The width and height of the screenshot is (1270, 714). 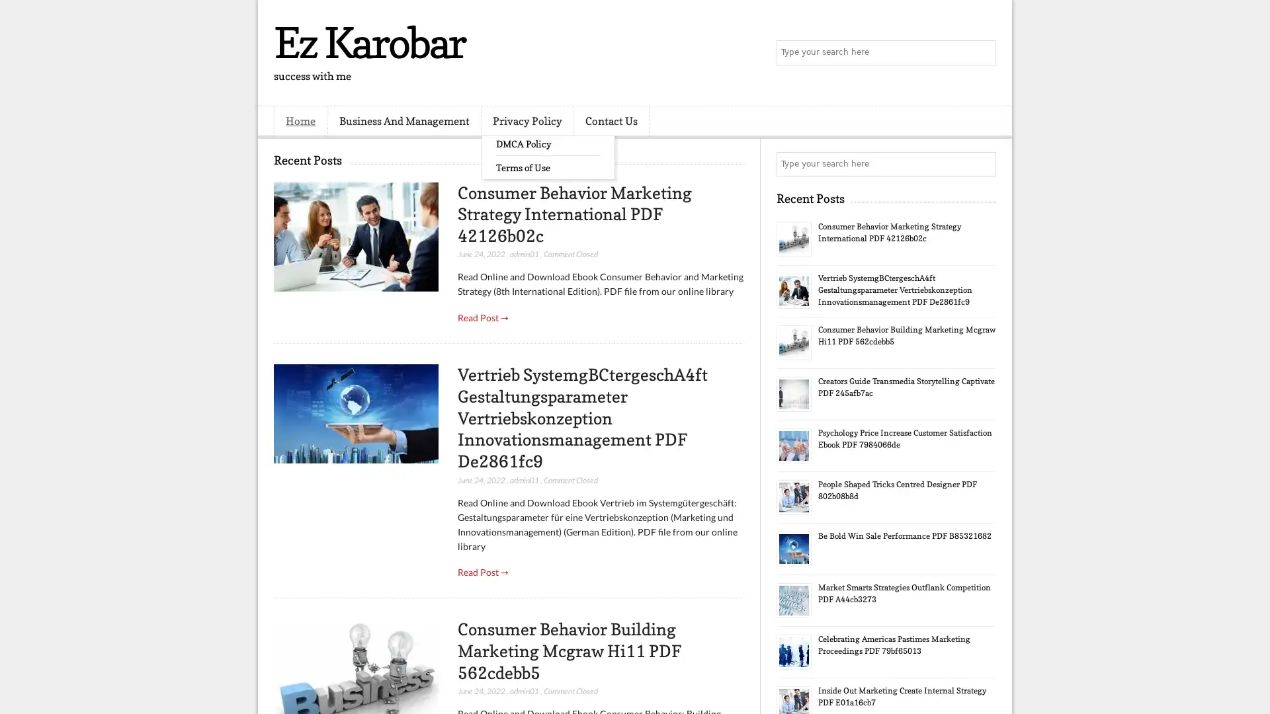 What do you see at coordinates (982, 164) in the screenshot?
I see `Search` at bounding box center [982, 164].